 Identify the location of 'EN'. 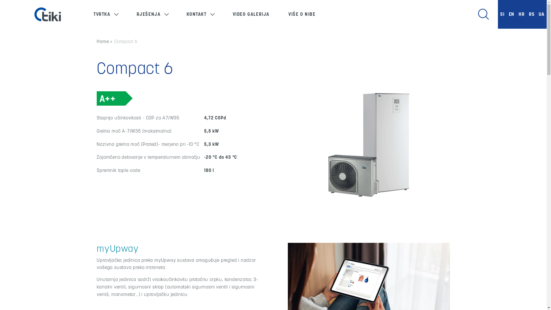
(511, 14).